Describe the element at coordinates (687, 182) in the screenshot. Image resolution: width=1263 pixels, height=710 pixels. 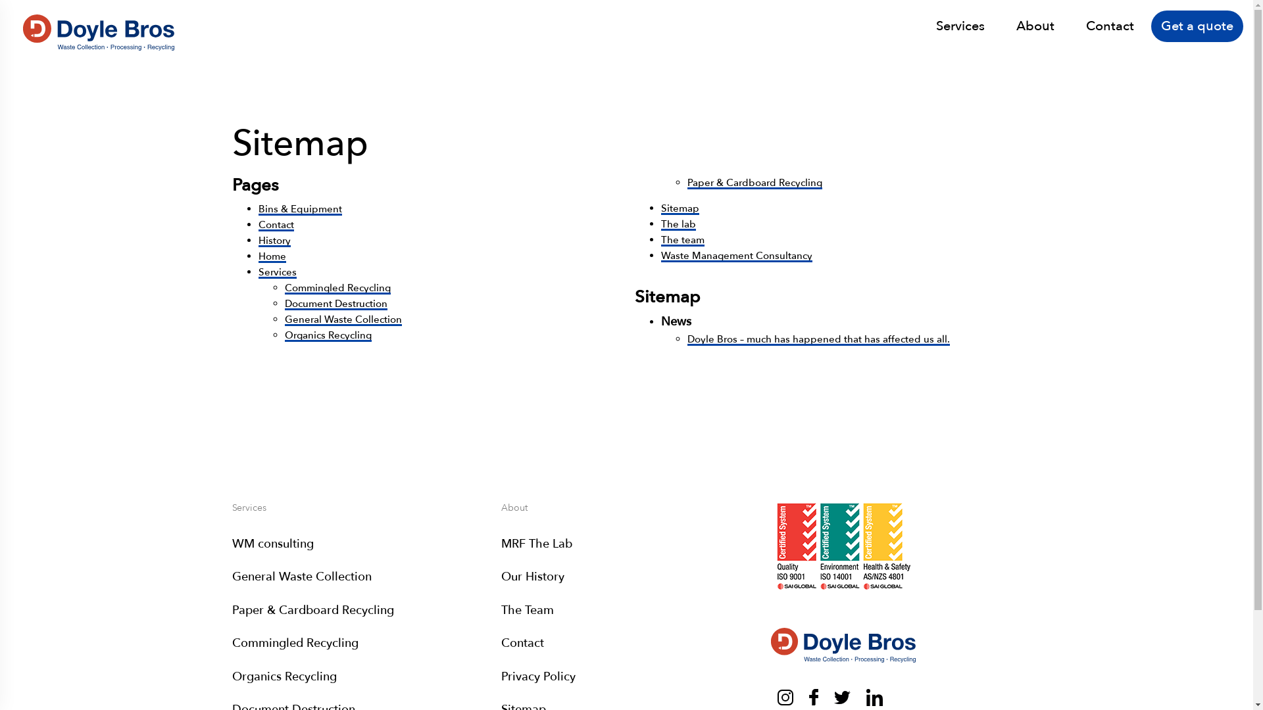
I see `'Paper & Cardboard Recycling'` at that location.